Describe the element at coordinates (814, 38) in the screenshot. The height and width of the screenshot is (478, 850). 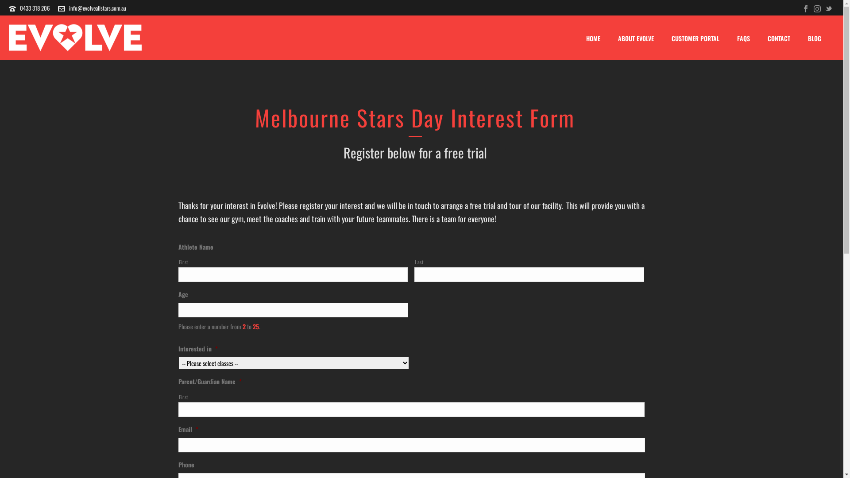
I see `'BLOG'` at that location.